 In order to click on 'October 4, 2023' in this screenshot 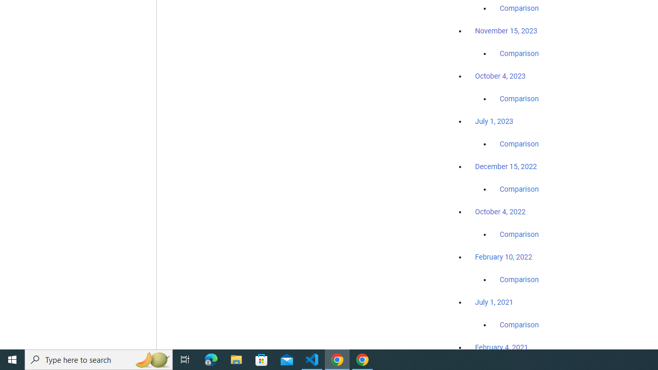, I will do `click(500, 76)`.